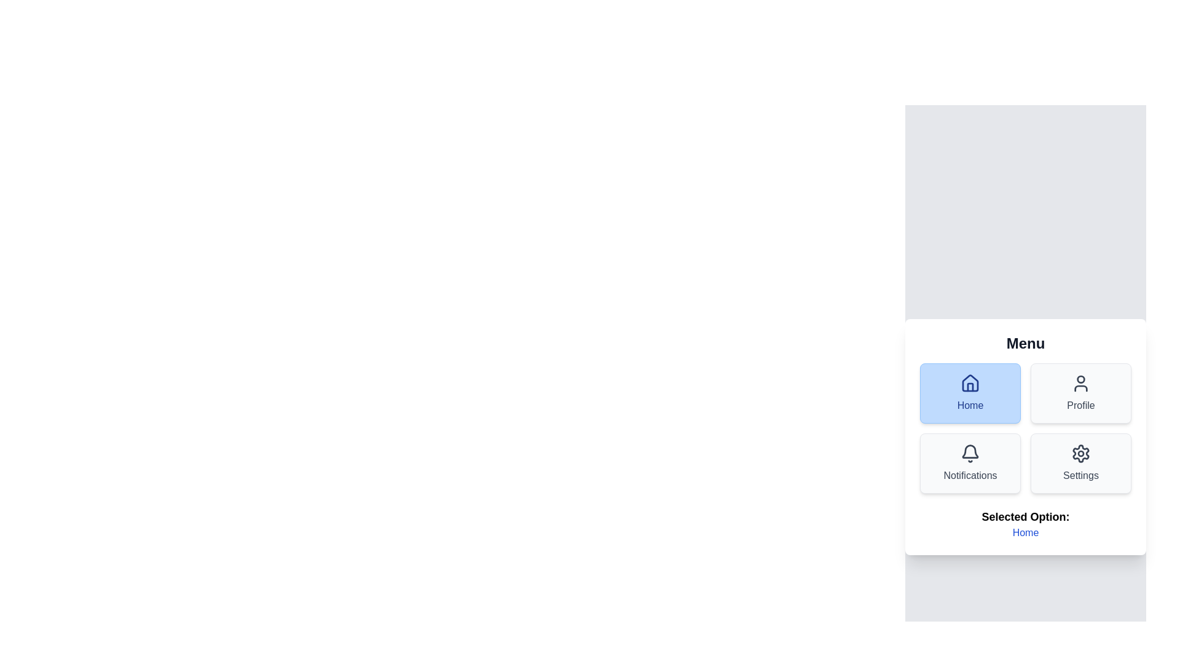 The height and width of the screenshot is (664, 1180). Describe the element at coordinates (970, 463) in the screenshot. I see `the menu option Notifications` at that location.